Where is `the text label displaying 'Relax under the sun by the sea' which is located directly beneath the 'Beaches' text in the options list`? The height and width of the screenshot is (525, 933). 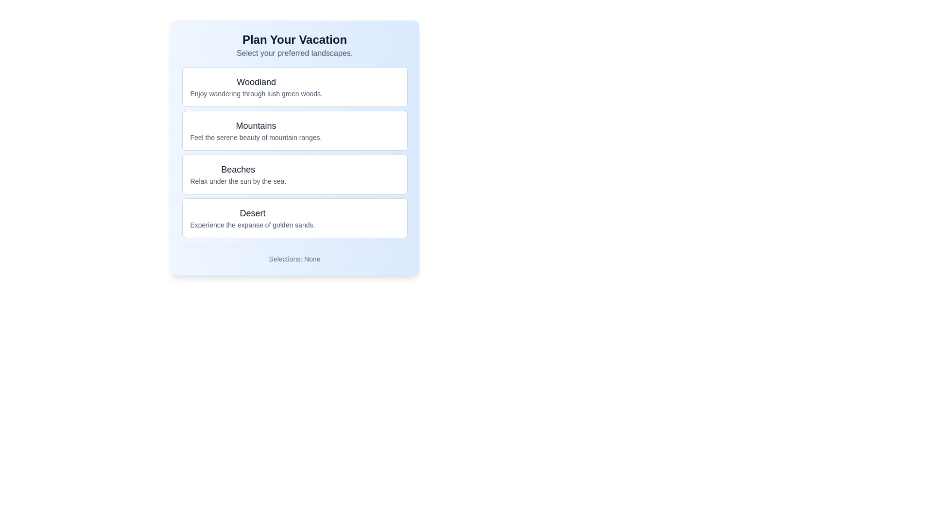 the text label displaying 'Relax under the sun by the sea' which is located directly beneath the 'Beaches' text in the options list is located at coordinates (238, 181).